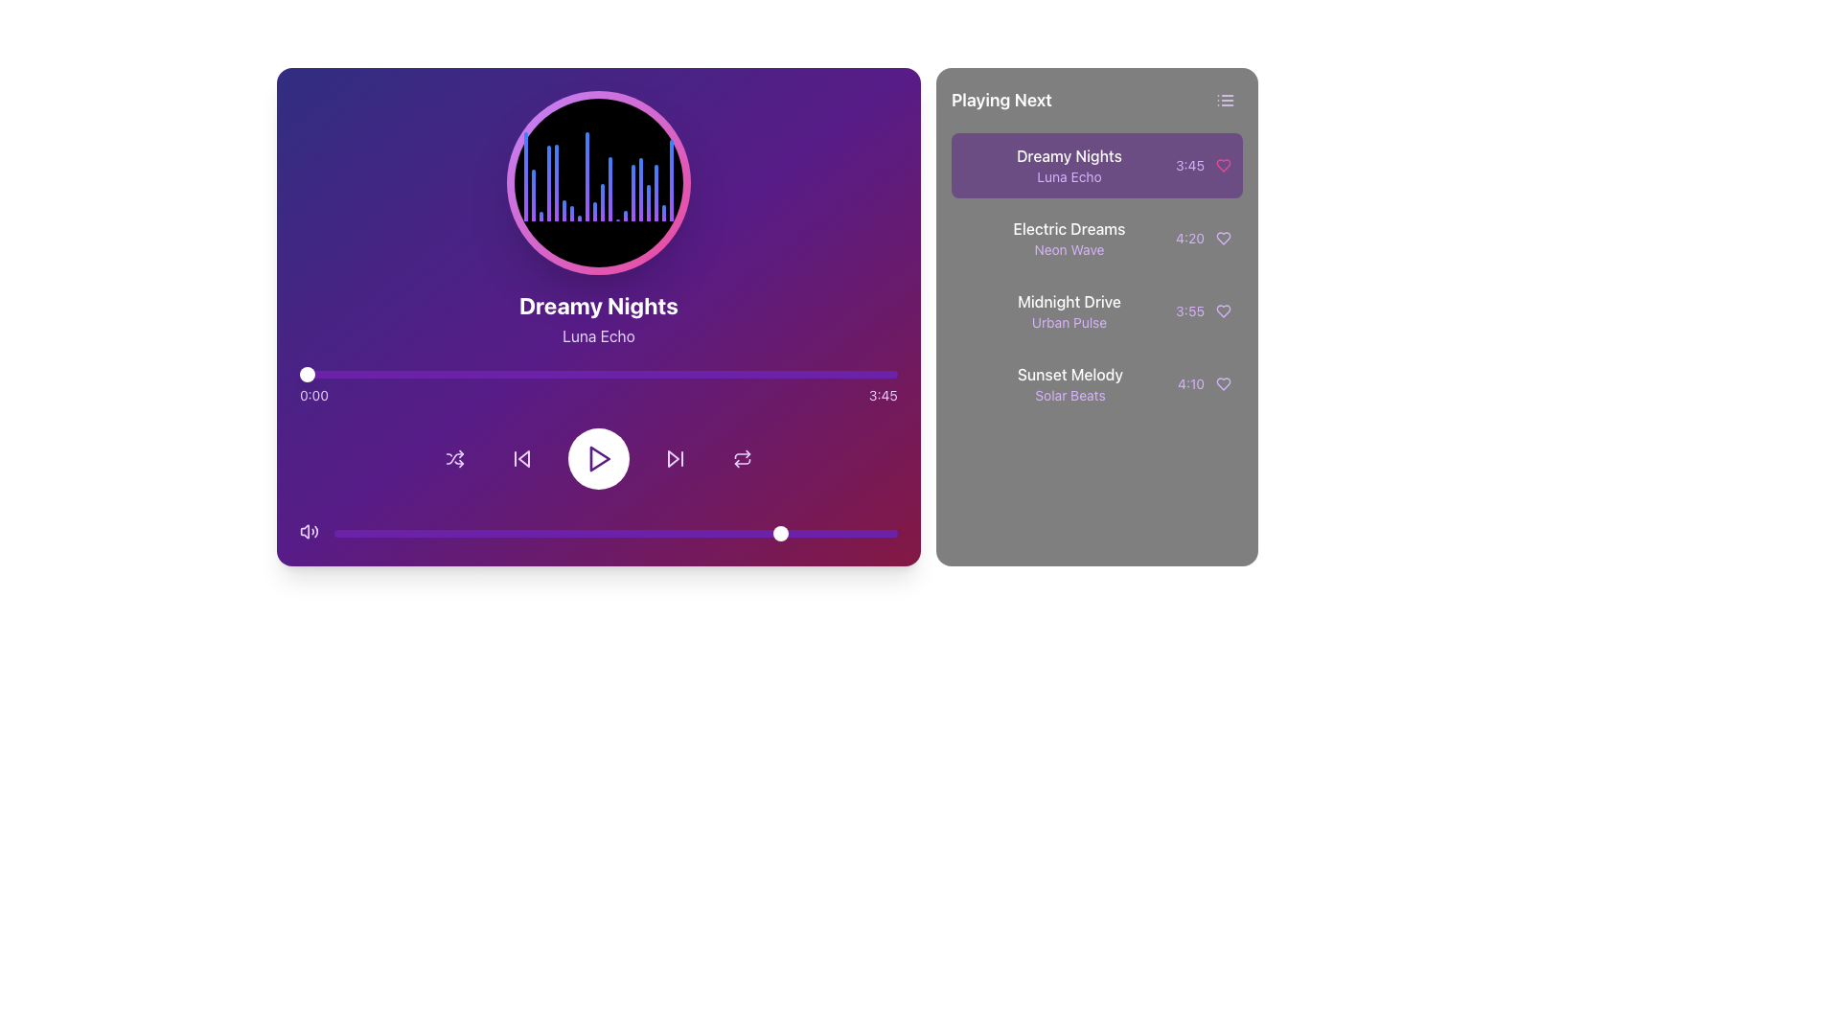 The height and width of the screenshot is (1035, 1840). I want to click on the playback position, so click(475, 374).